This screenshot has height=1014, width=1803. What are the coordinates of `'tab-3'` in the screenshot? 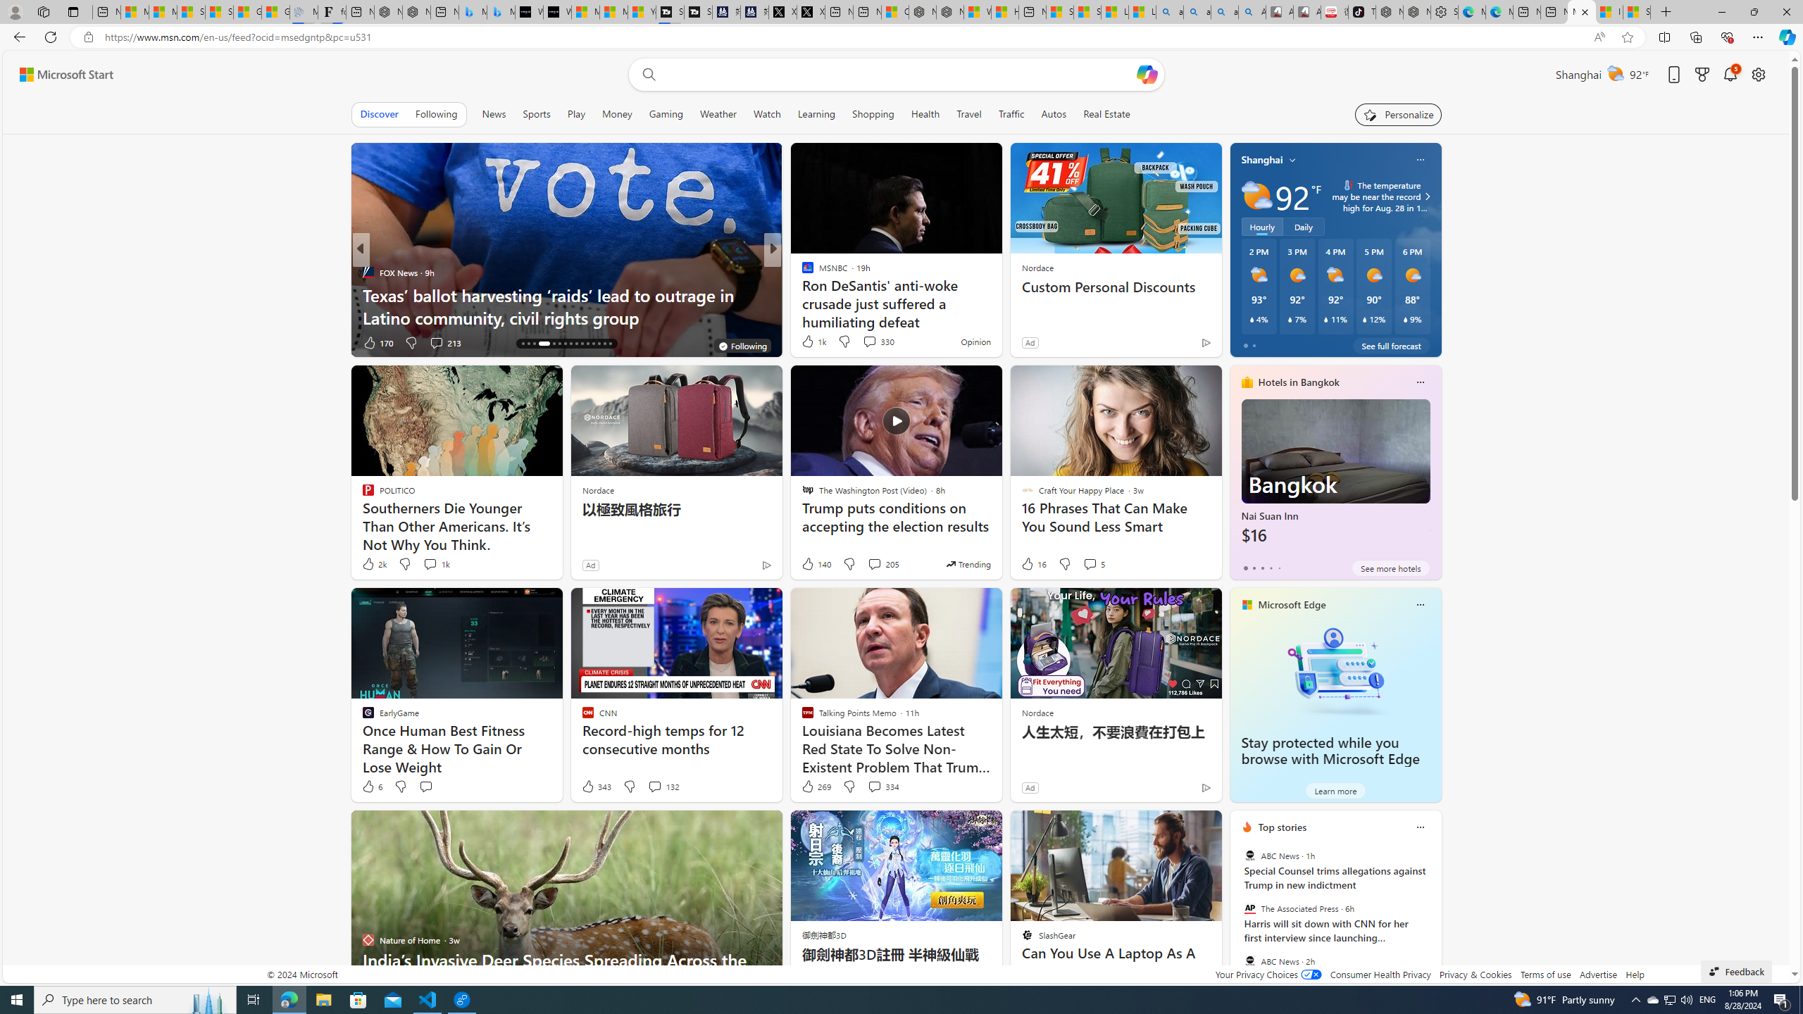 It's located at (1269, 568).